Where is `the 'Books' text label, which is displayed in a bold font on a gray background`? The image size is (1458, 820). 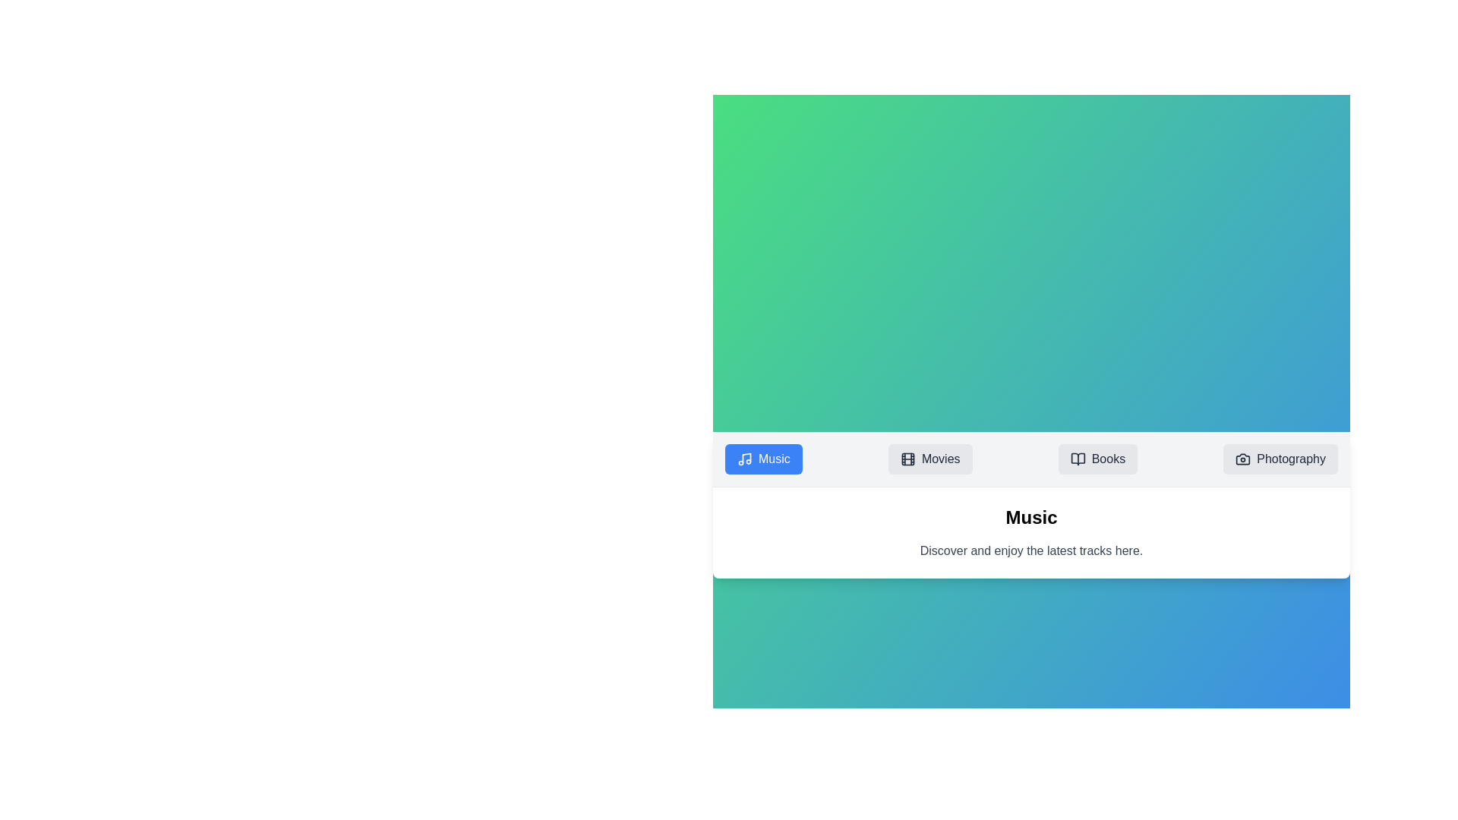
the 'Books' text label, which is displayed in a bold font on a gray background is located at coordinates (1108, 458).